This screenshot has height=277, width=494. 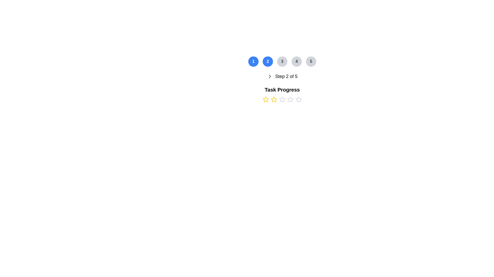 I want to click on the right-facing chevron arrow icon located, so click(x=270, y=76).